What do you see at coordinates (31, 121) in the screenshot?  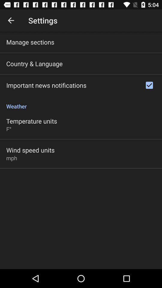 I see `the temperature units icon` at bounding box center [31, 121].